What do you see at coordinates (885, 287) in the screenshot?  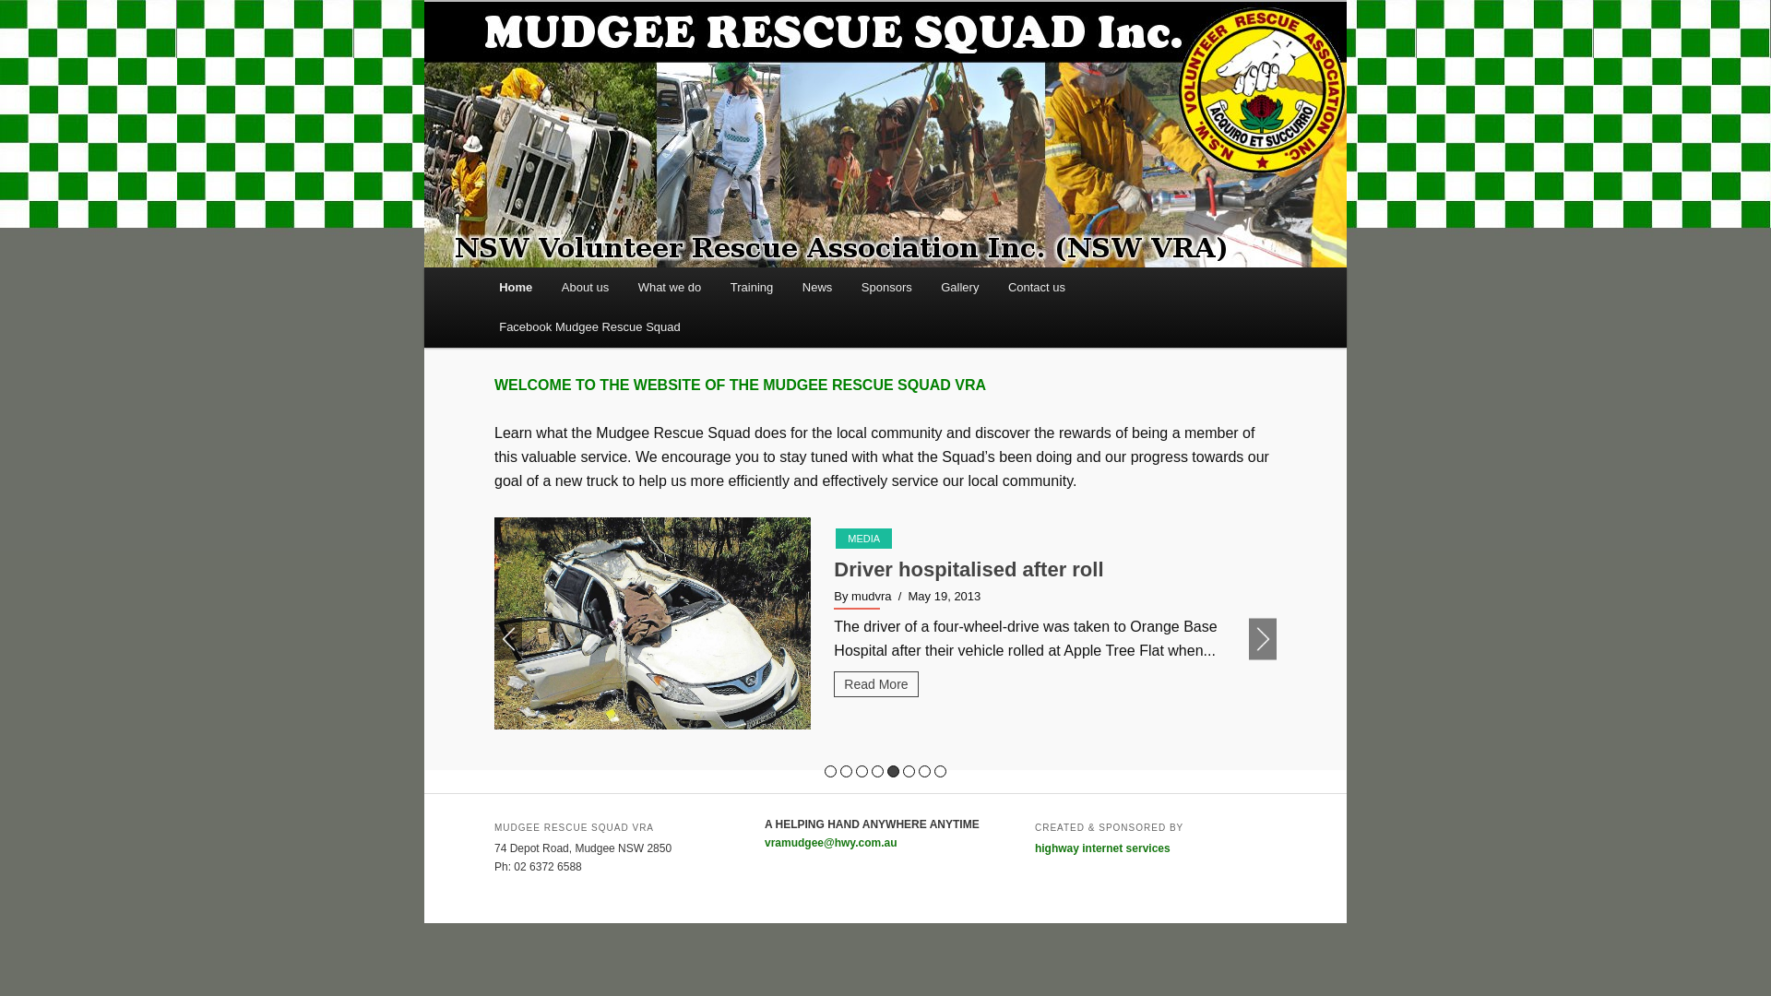 I see `'Sponsors'` at bounding box center [885, 287].